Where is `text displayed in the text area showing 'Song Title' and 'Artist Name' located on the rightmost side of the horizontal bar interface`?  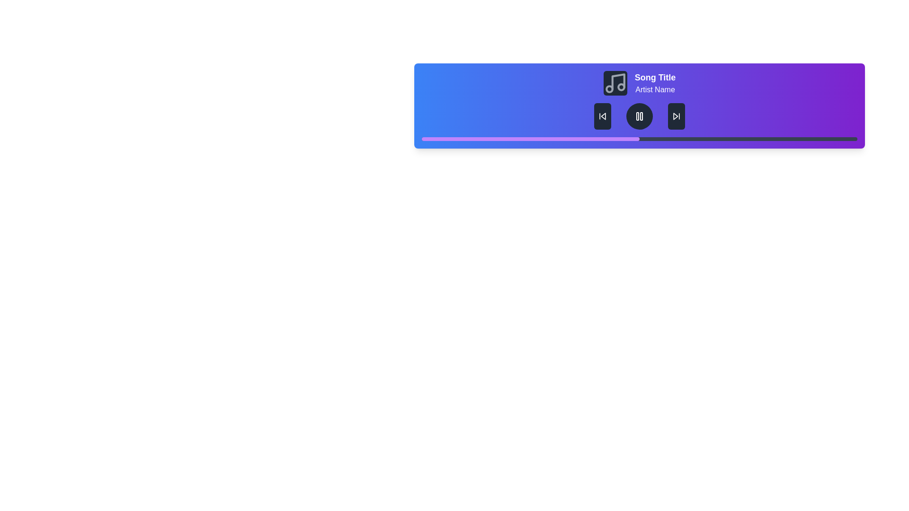
text displayed in the text area showing 'Song Title' and 'Artist Name' located on the rightmost side of the horizontal bar interface is located at coordinates (654, 83).